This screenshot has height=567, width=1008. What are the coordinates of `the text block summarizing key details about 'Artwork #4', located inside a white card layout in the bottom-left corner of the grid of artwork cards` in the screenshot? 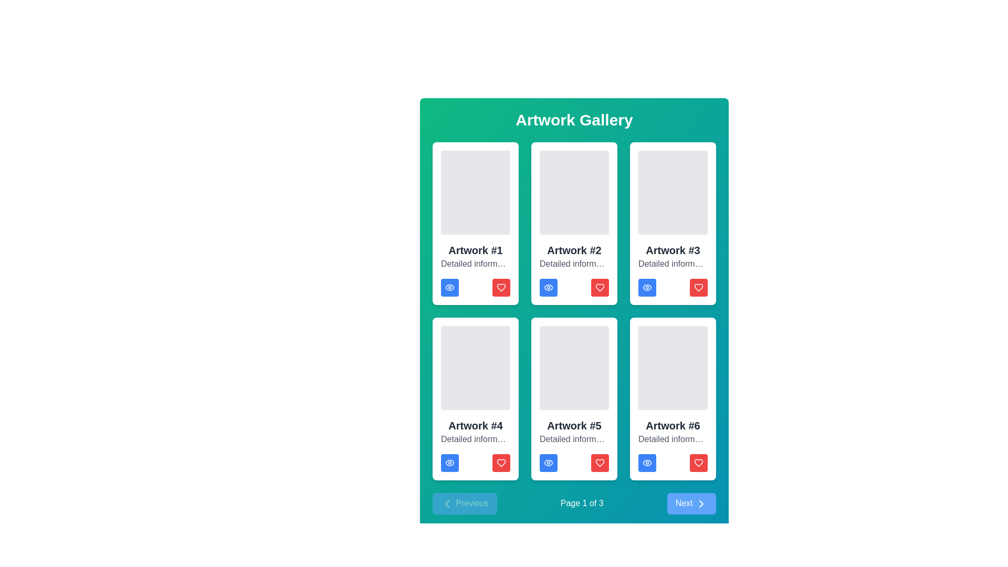 It's located at (475, 439).